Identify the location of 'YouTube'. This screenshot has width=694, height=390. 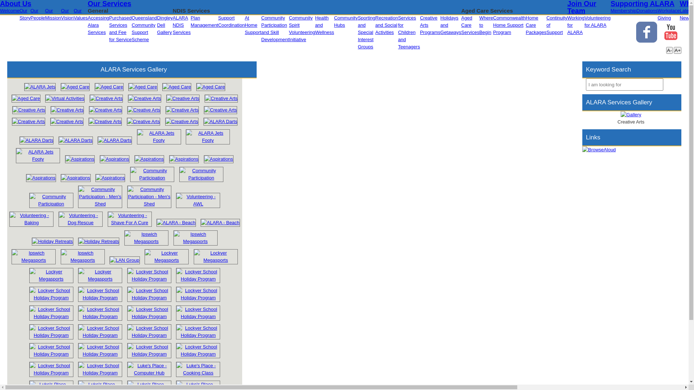
(671, 31).